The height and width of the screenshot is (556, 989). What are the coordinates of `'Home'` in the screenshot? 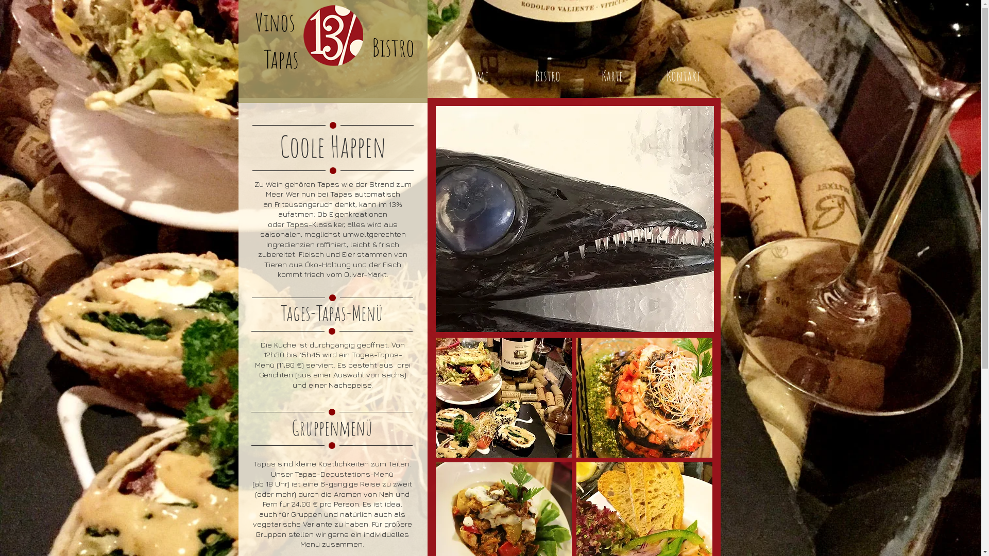 It's located at (476, 75).